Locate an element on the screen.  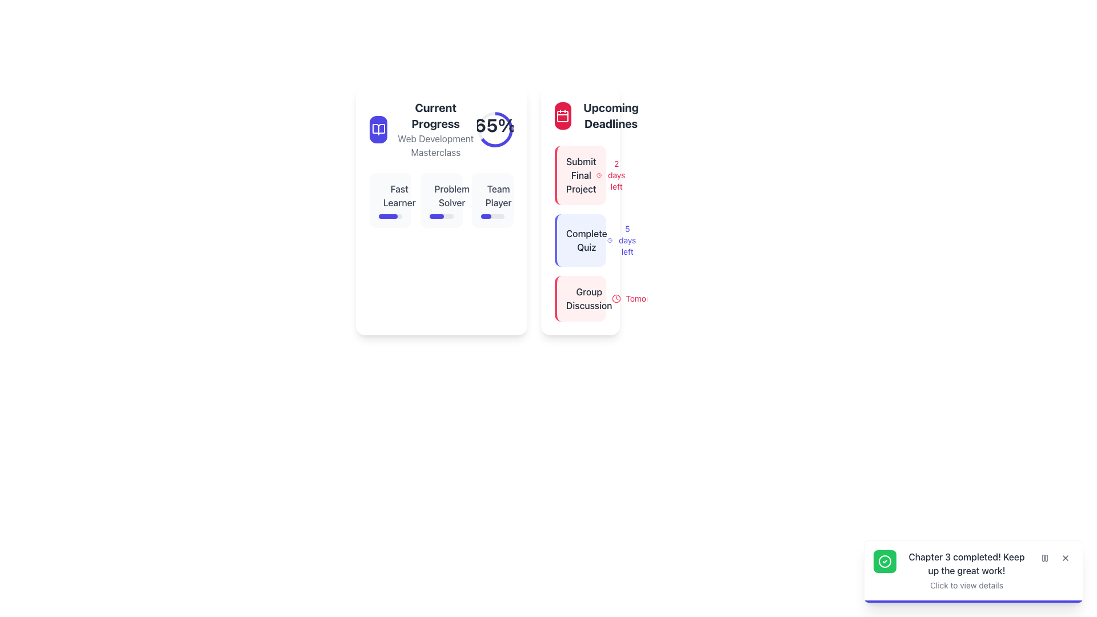
text content of the Text Label that indicates the current progress status of the user, located at the top-left section of the layout above 'Web Development Masterclass' and to the left of a circular progress visualization is located at coordinates (435, 116).